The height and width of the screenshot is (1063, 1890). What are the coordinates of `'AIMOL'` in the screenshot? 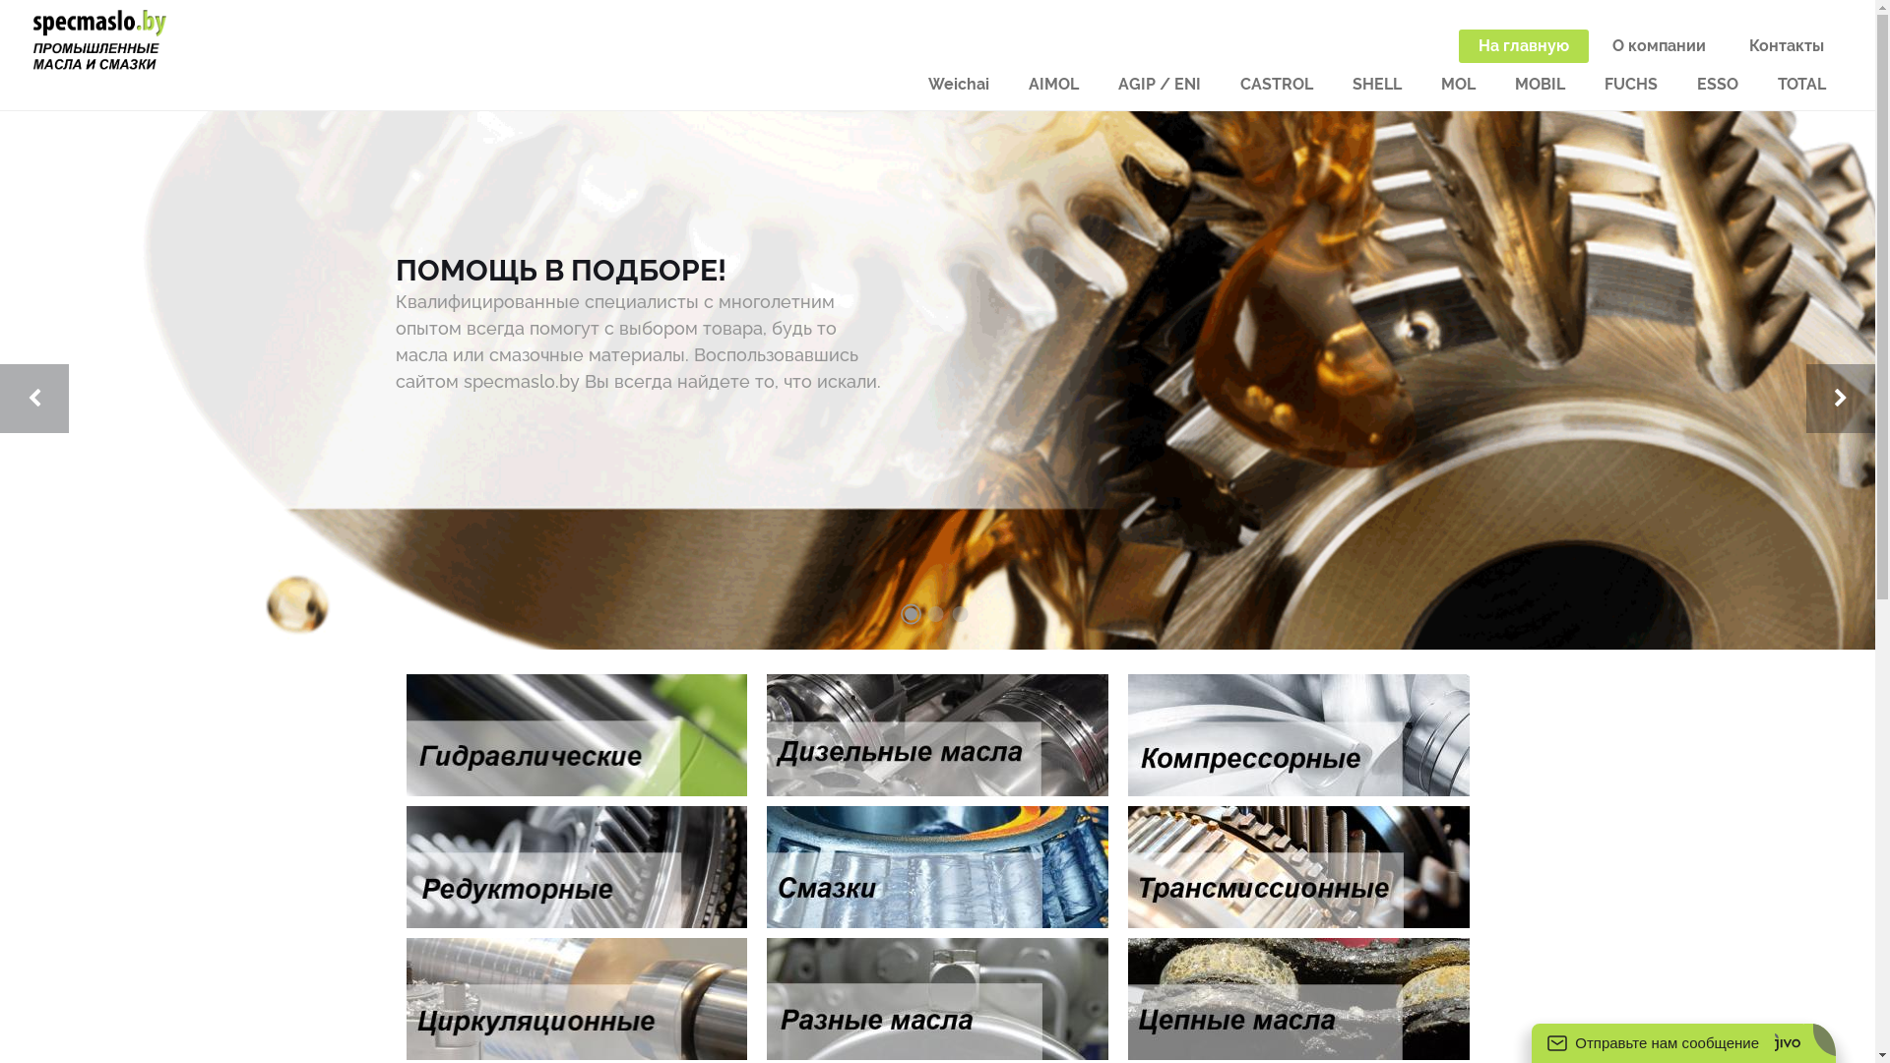 It's located at (1052, 83).